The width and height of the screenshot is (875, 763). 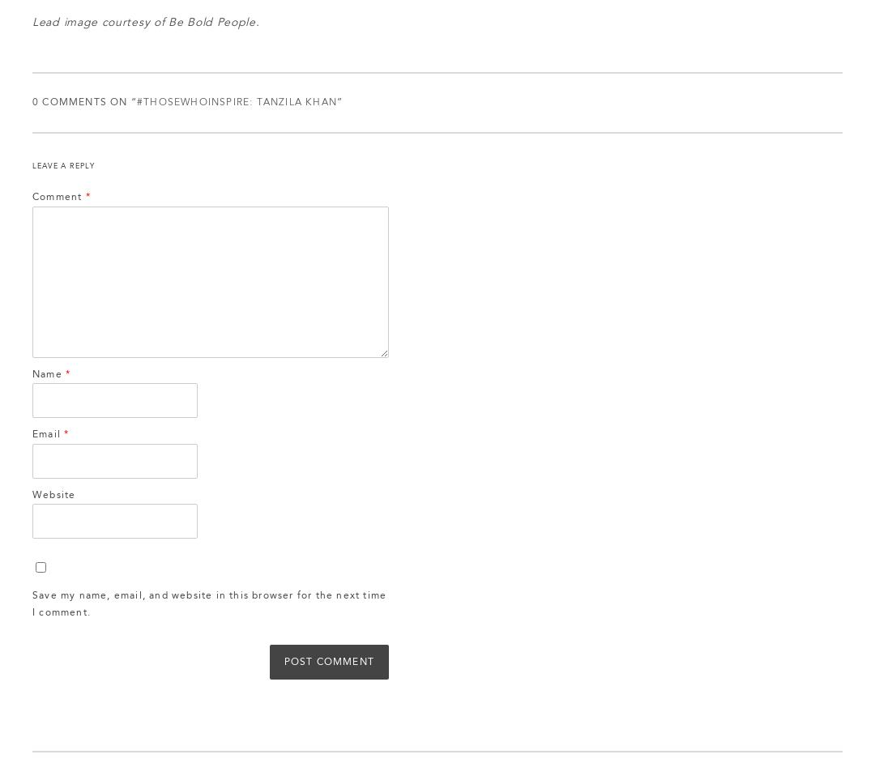 What do you see at coordinates (47, 434) in the screenshot?
I see `'Email'` at bounding box center [47, 434].